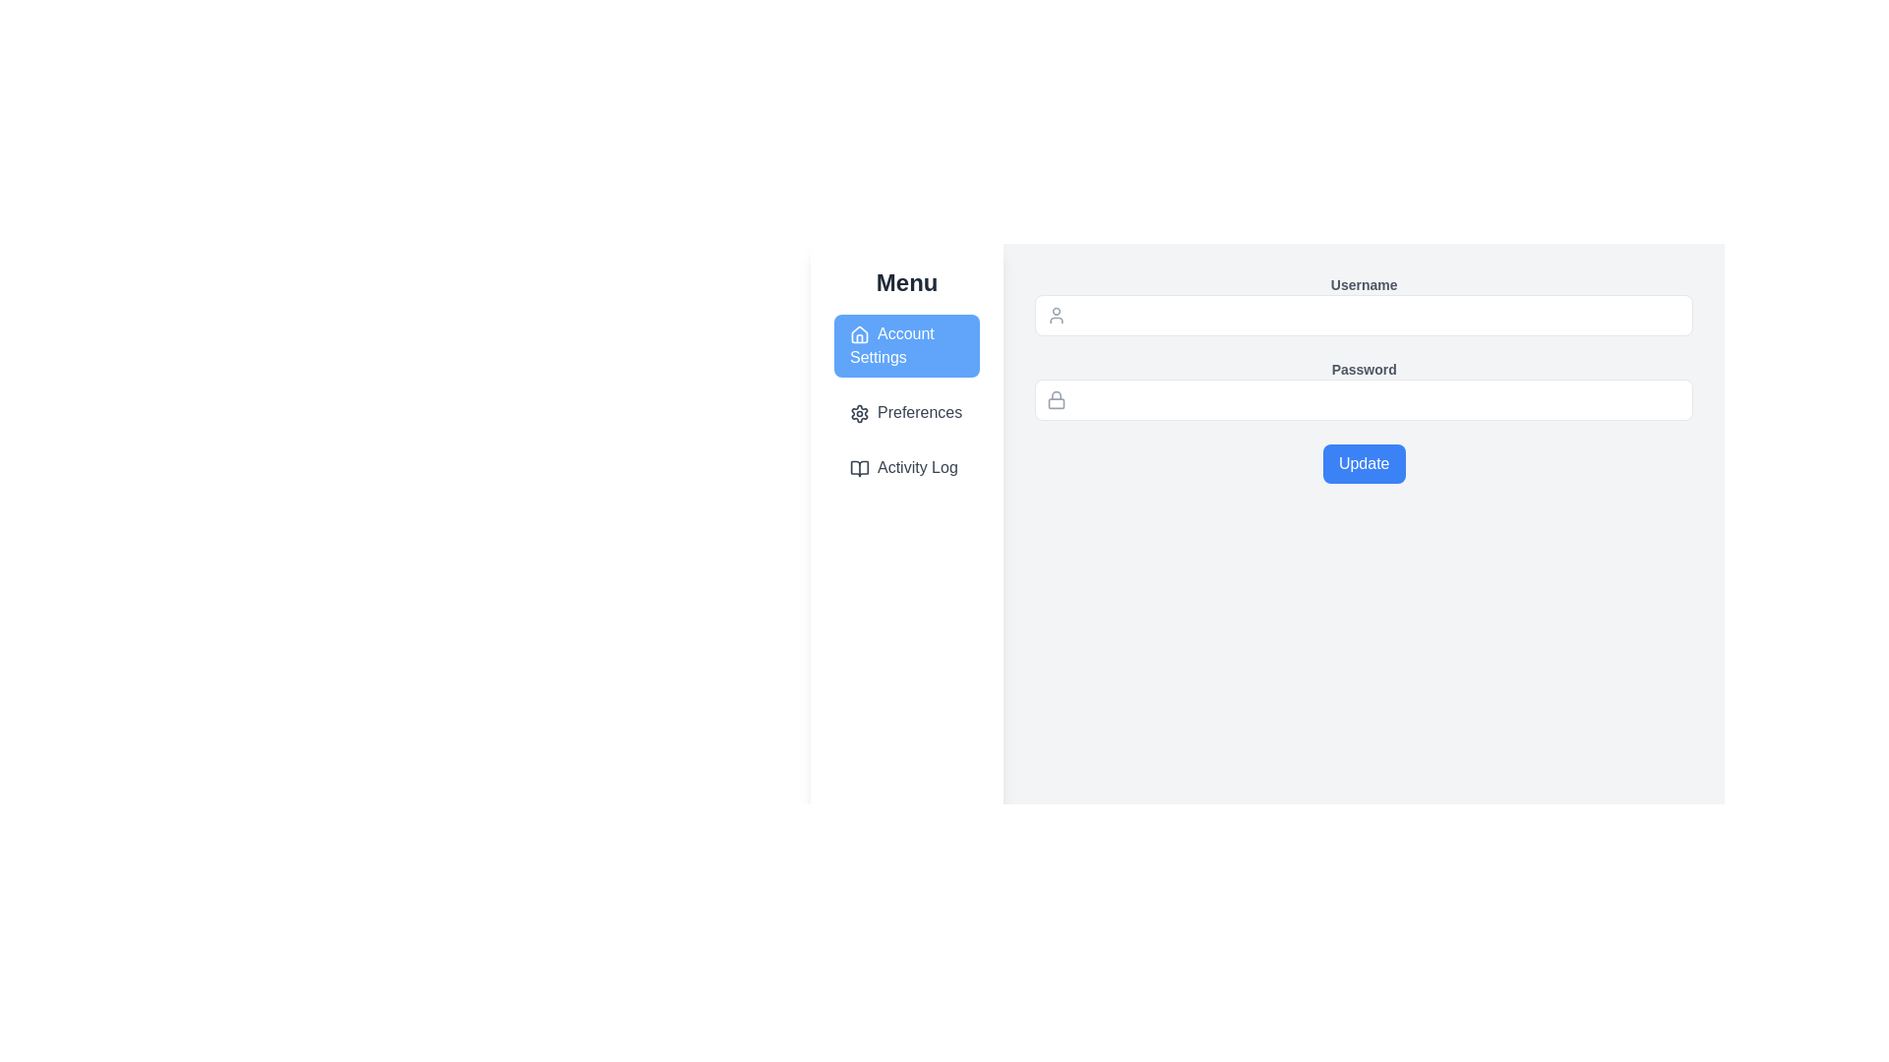  What do you see at coordinates (1363, 314) in the screenshot?
I see `the text input field located beneath the 'Username' label in the user form` at bounding box center [1363, 314].